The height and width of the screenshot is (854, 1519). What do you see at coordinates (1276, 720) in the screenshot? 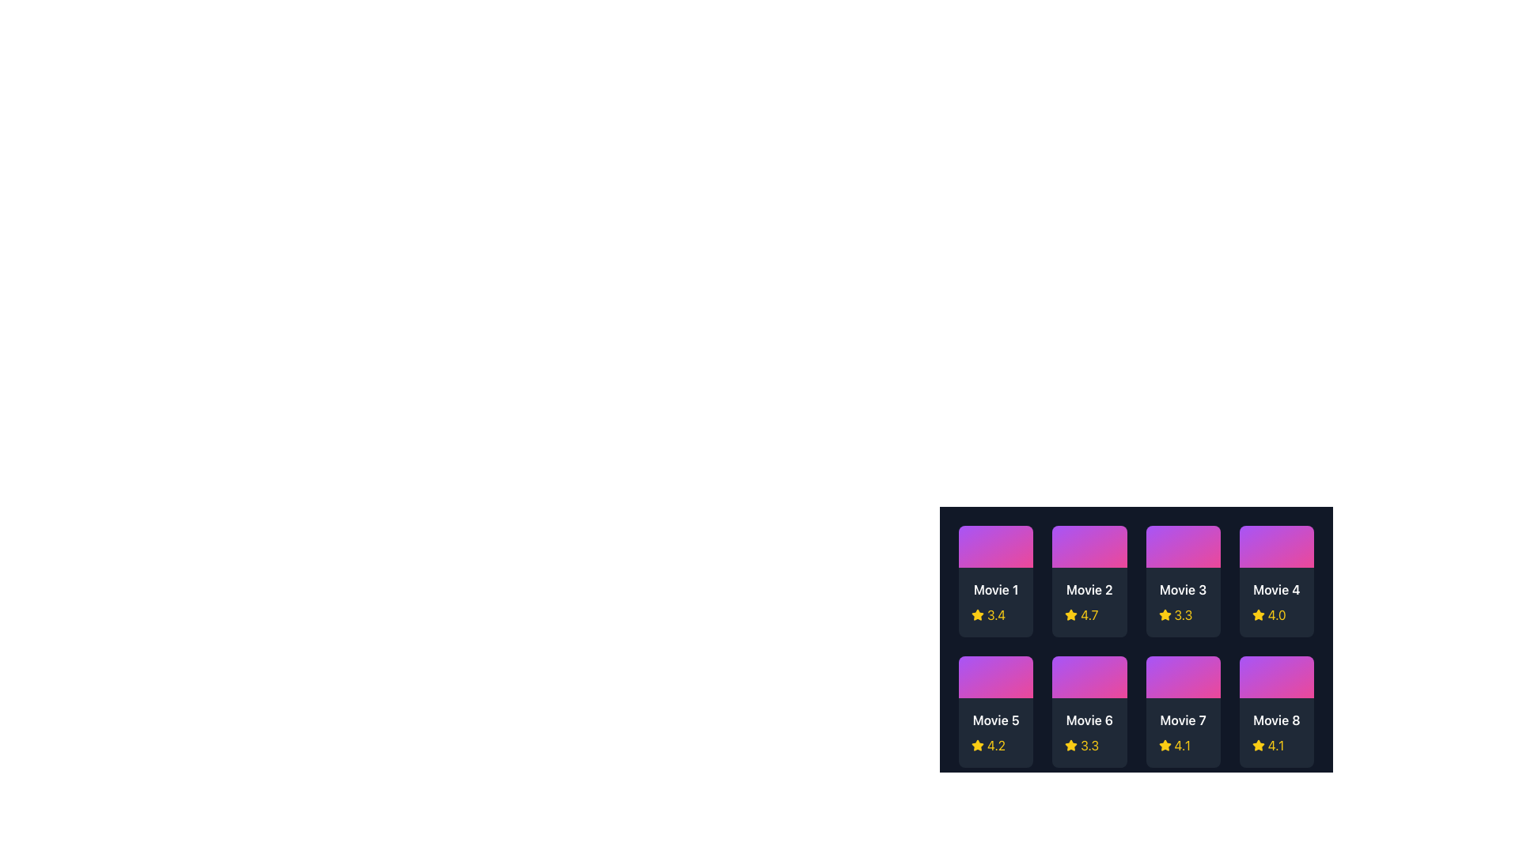
I see `the title label of the eighth movie card in the 4x2 grid layout, which displays the movie's identifier or name` at bounding box center [1276, 720].